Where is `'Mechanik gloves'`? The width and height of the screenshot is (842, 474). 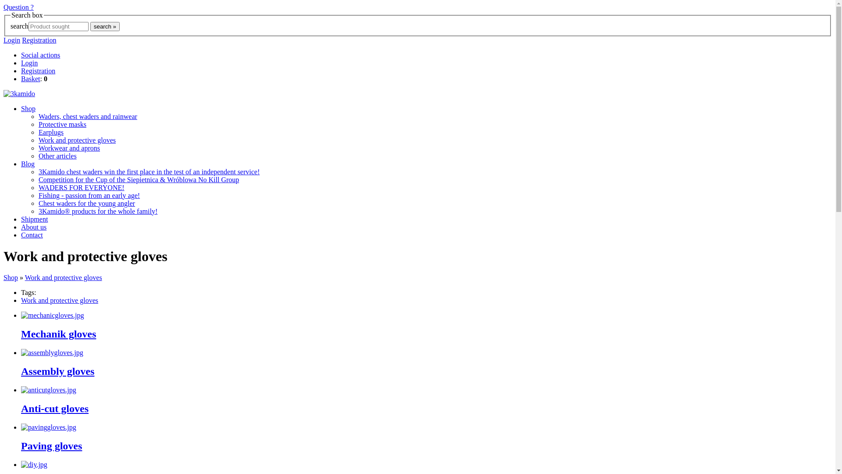
'Mechanik gloves' is located at coordinates (58, 334).